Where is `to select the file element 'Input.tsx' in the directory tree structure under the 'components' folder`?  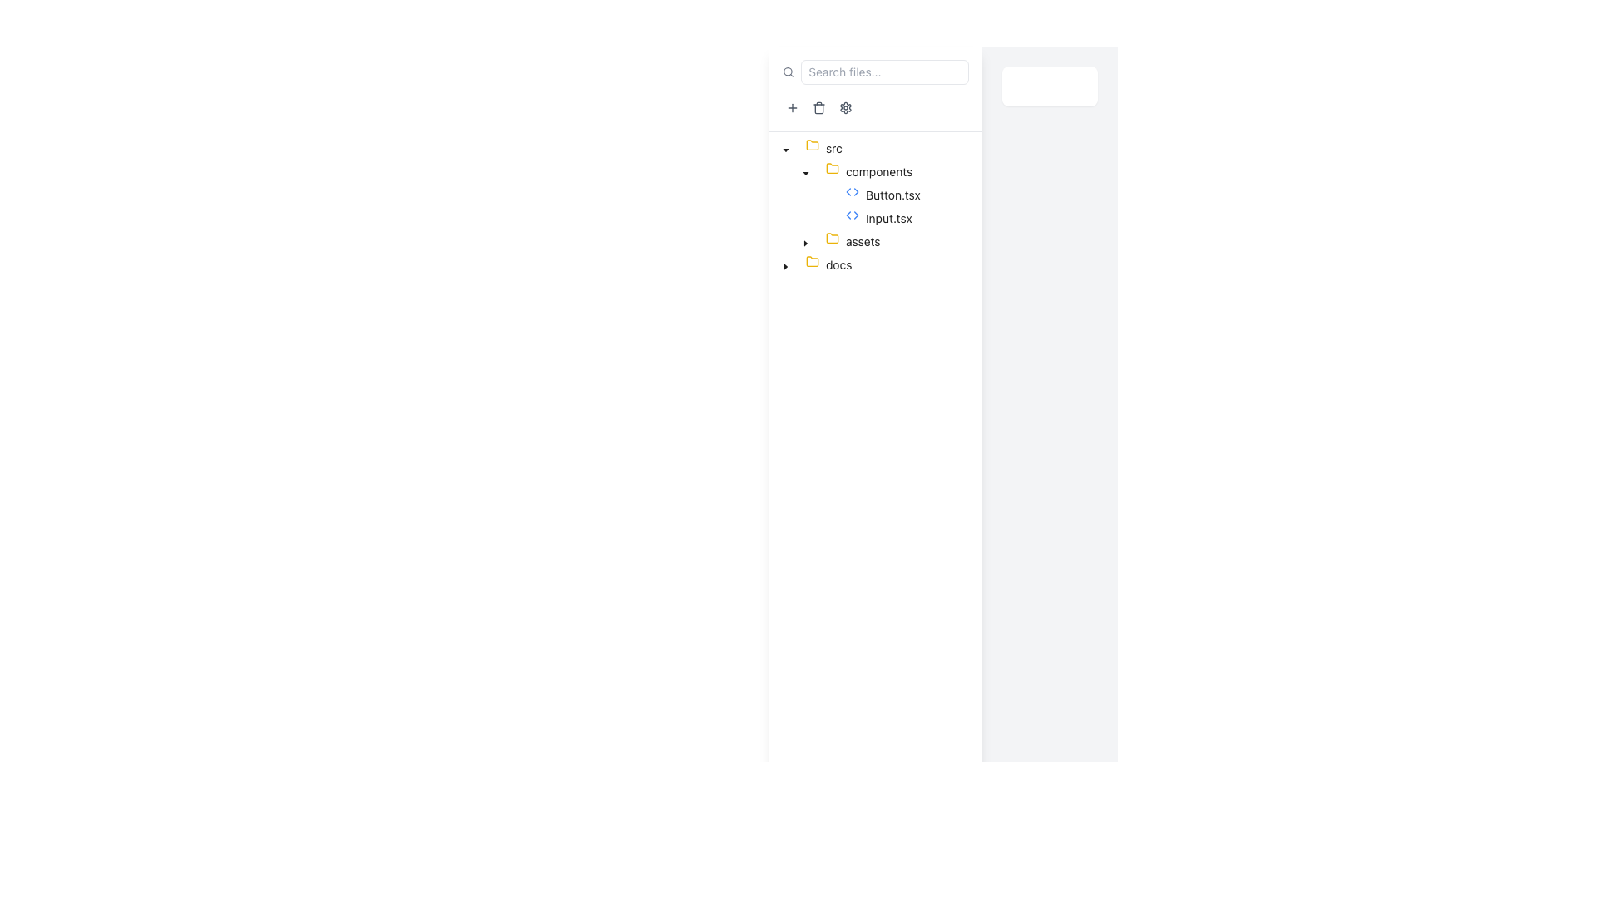
to select the file element 'Input.tsx' in the directory tree structure under the 'components' folder is located at coordinates (874, 207).